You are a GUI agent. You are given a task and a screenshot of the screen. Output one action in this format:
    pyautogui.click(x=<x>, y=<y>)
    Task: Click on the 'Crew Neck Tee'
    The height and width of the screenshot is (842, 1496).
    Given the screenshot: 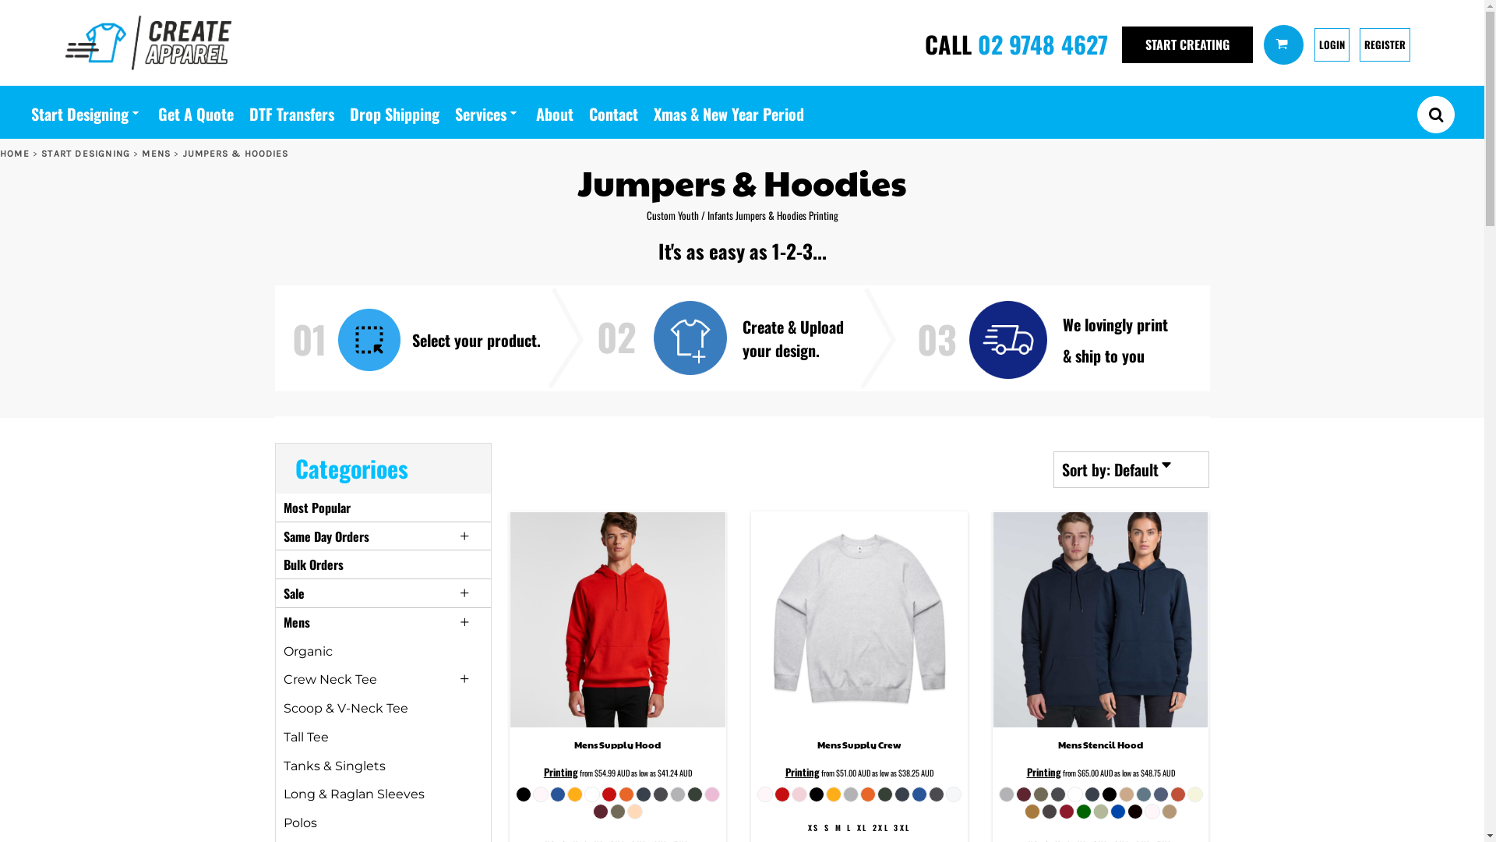 What is the action you would take?
    pyautogui.click(x=329, y=678)
    